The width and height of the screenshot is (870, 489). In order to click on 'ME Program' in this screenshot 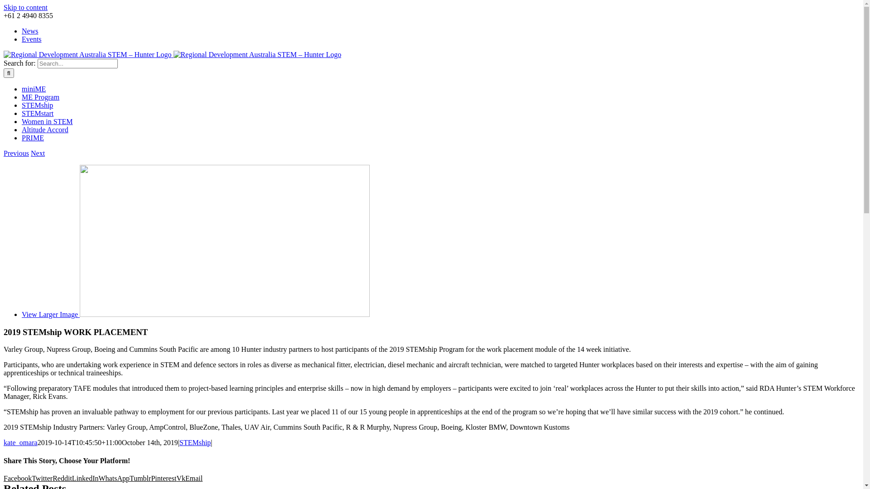, I will do `click(22, 97)`.